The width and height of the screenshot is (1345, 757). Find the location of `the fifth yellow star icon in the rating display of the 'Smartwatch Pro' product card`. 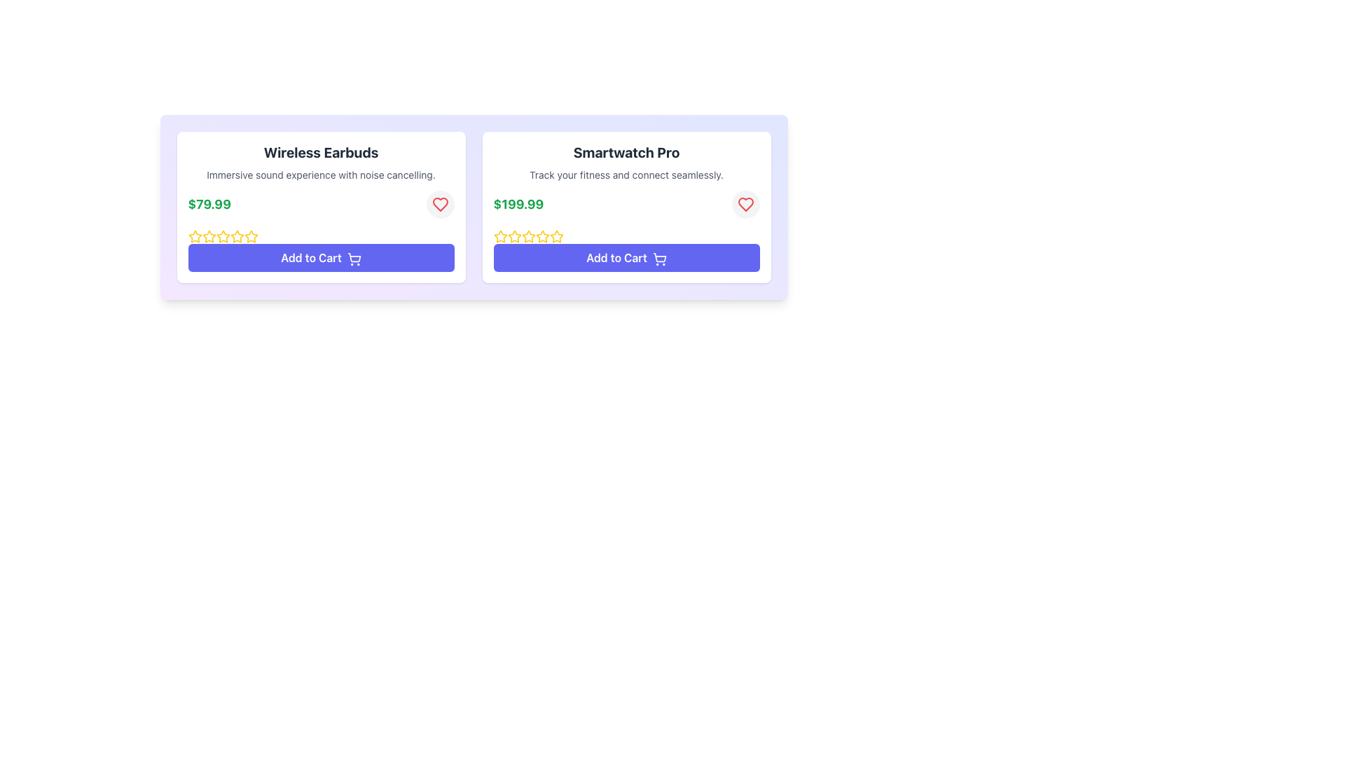

the fifth yellow star icon in the rating display of the 'Smartwatch Pro' product card is located at coordinates (542, 236).